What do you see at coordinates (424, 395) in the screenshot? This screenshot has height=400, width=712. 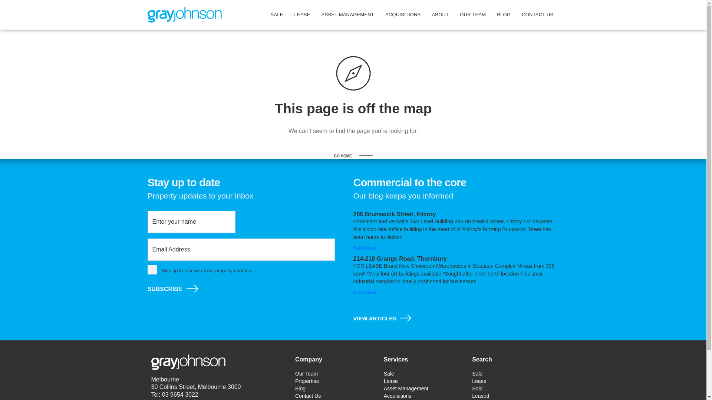 I see `'Acquisitions'` at bounding box center [424, 395].